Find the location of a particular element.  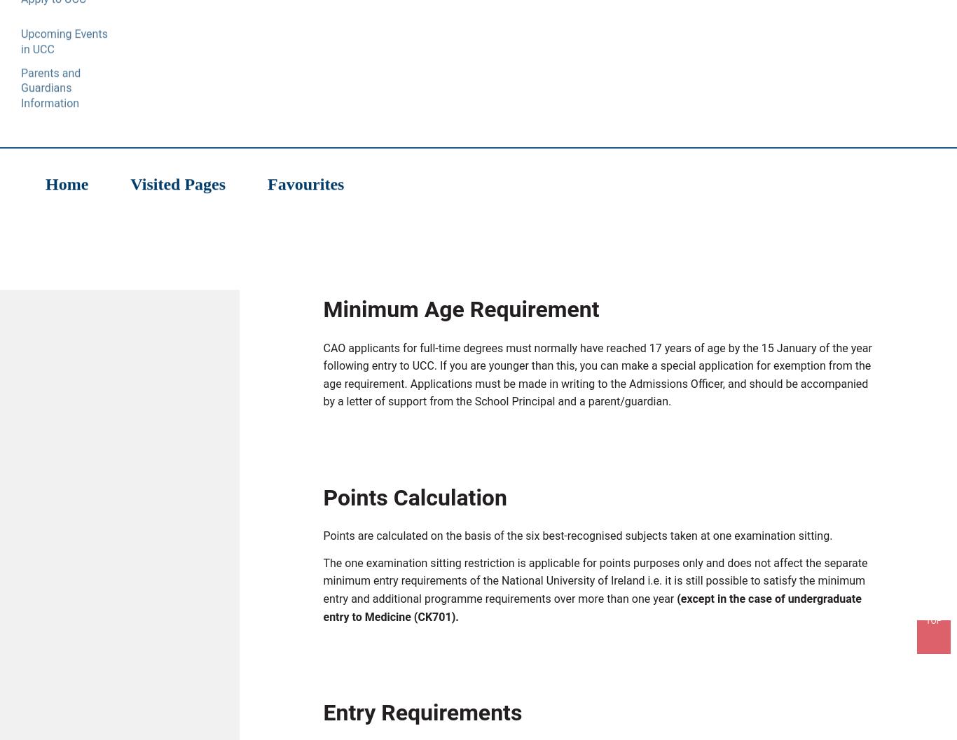

'Points are calculated on the basis of the six best-recognised subjects taken at one examination sitting.' is located at coordinates (577, 539).